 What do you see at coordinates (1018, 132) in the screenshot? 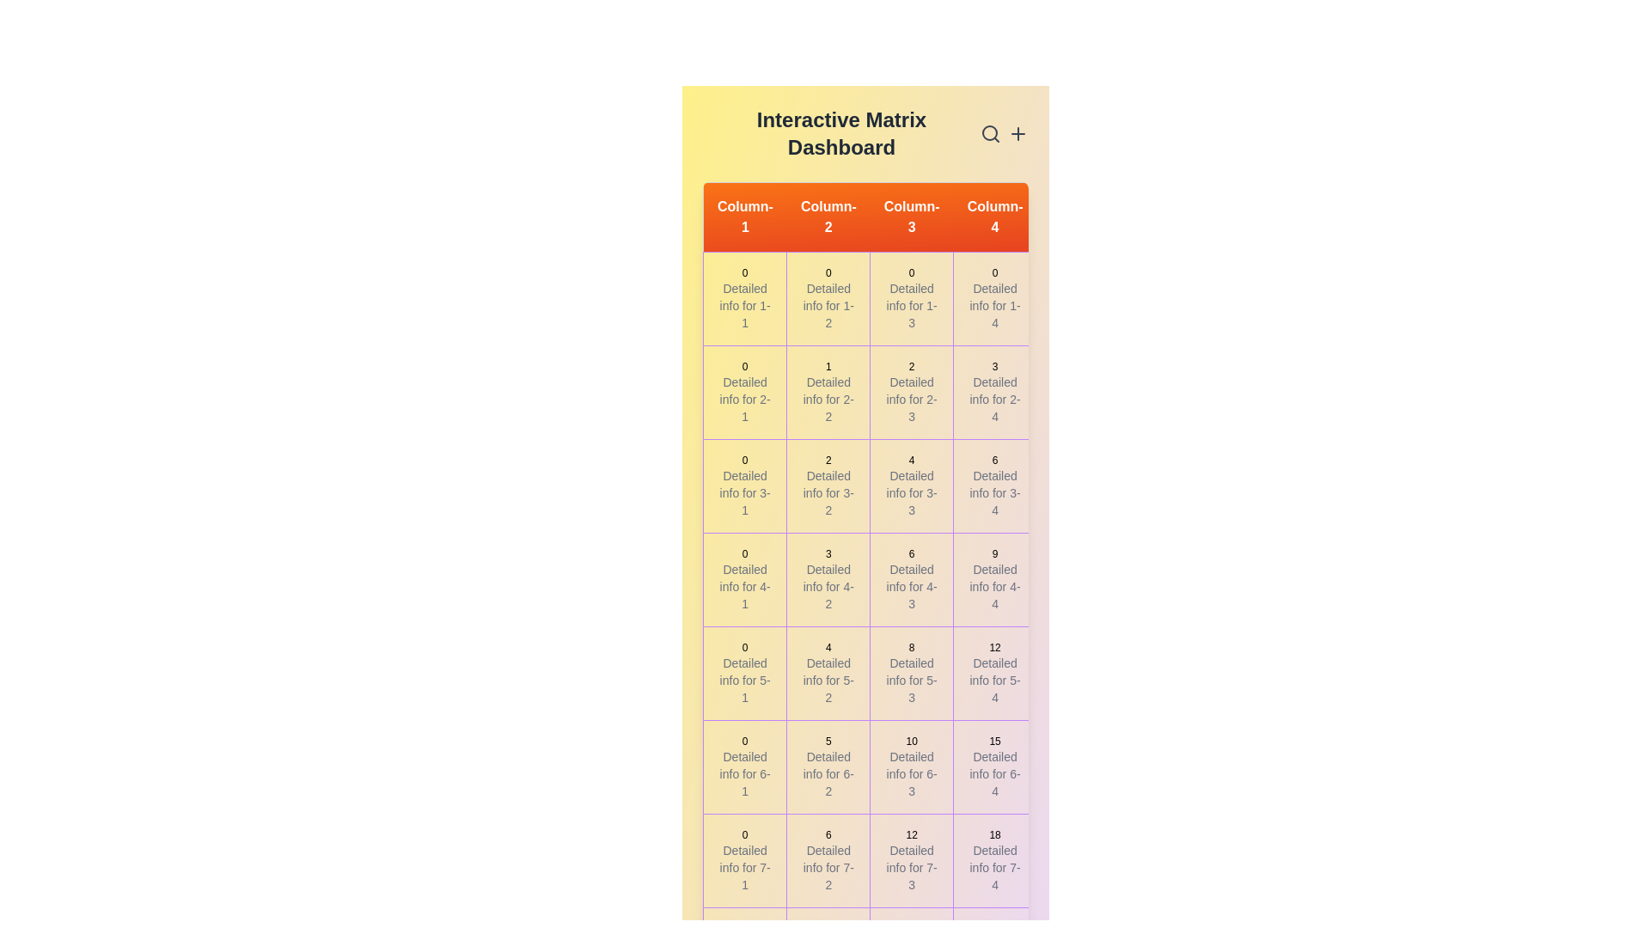
I see `the plus button in the header of the ColorfulMatrixTable component` at bounding box center [1018, 132].